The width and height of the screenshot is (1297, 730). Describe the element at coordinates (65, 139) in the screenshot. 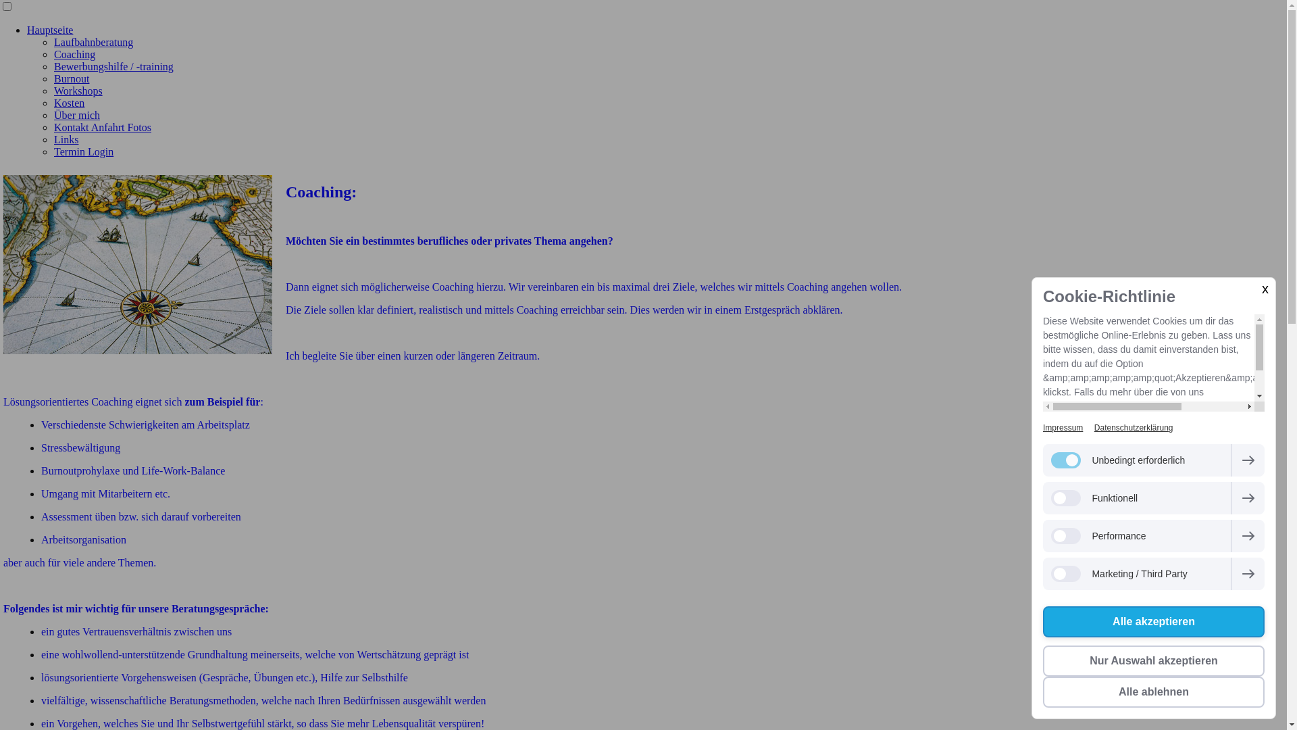

I see `'Links'` at that location.